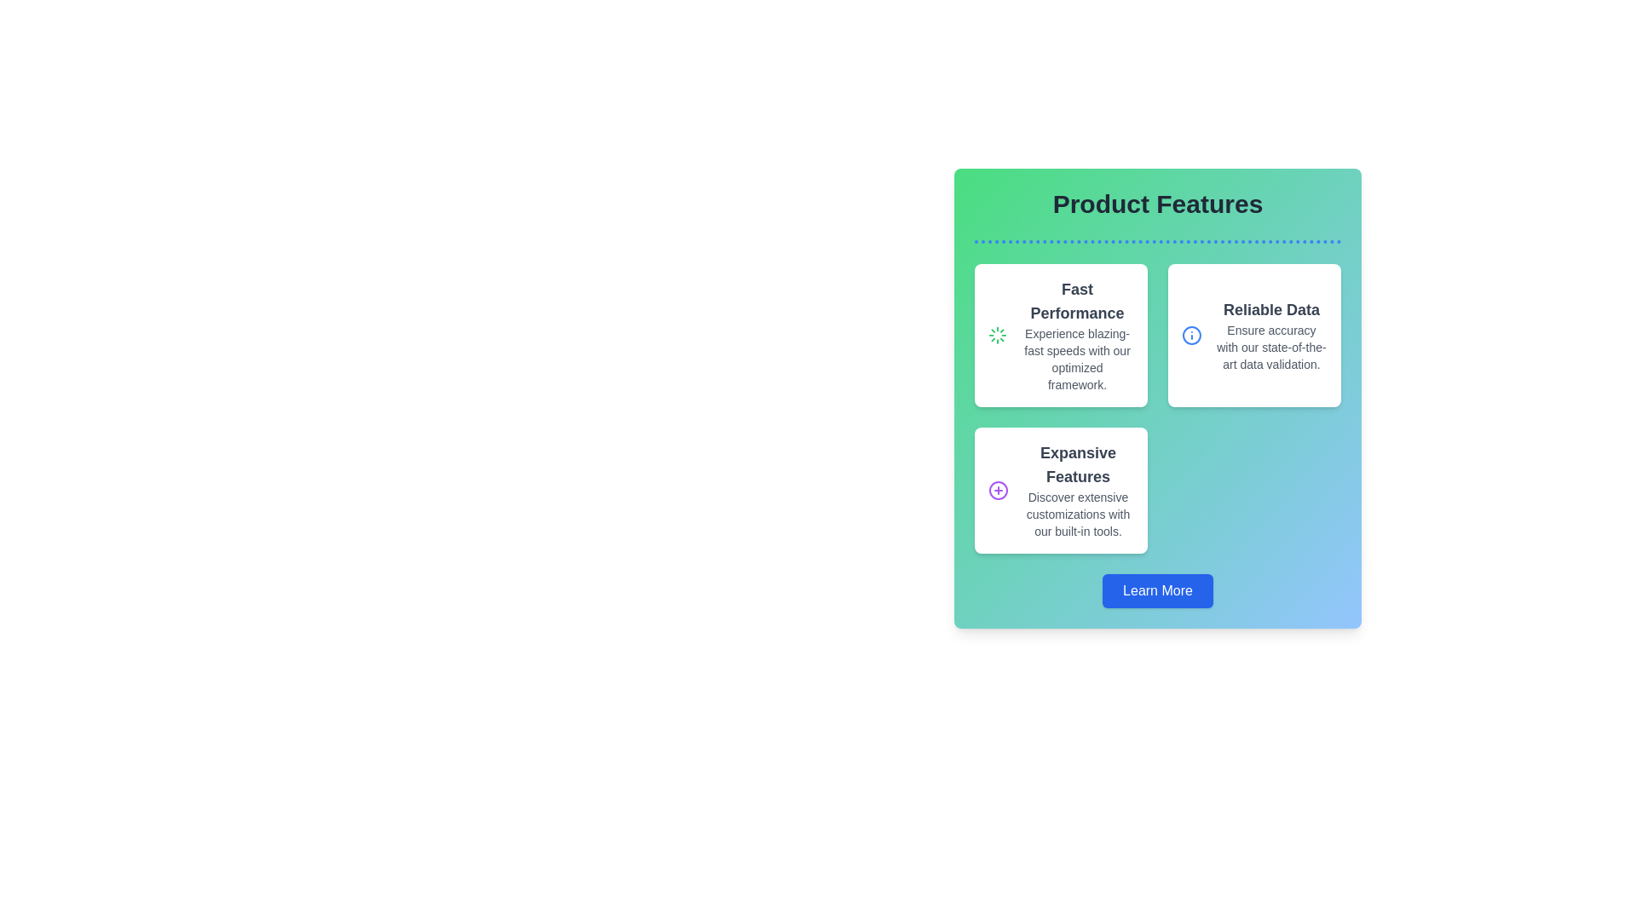 The height and width of the screenshot is (920, 1636). What do you see at coordinates (1077, 465) in the screenshot?
I see `the text label displaying 'Expansive Features' in bold and dark gray, located in the bottom-left quadrant of the 'Product Features' panel` at bounding box center [1077, 465].